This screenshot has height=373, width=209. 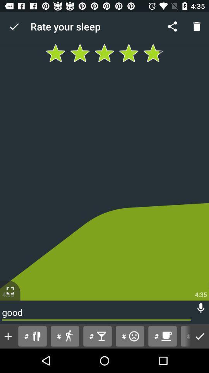 What do you see at coordinates (10, 290) in the screenshot?
I see `enable full screen` at bounding box center [10, 290].